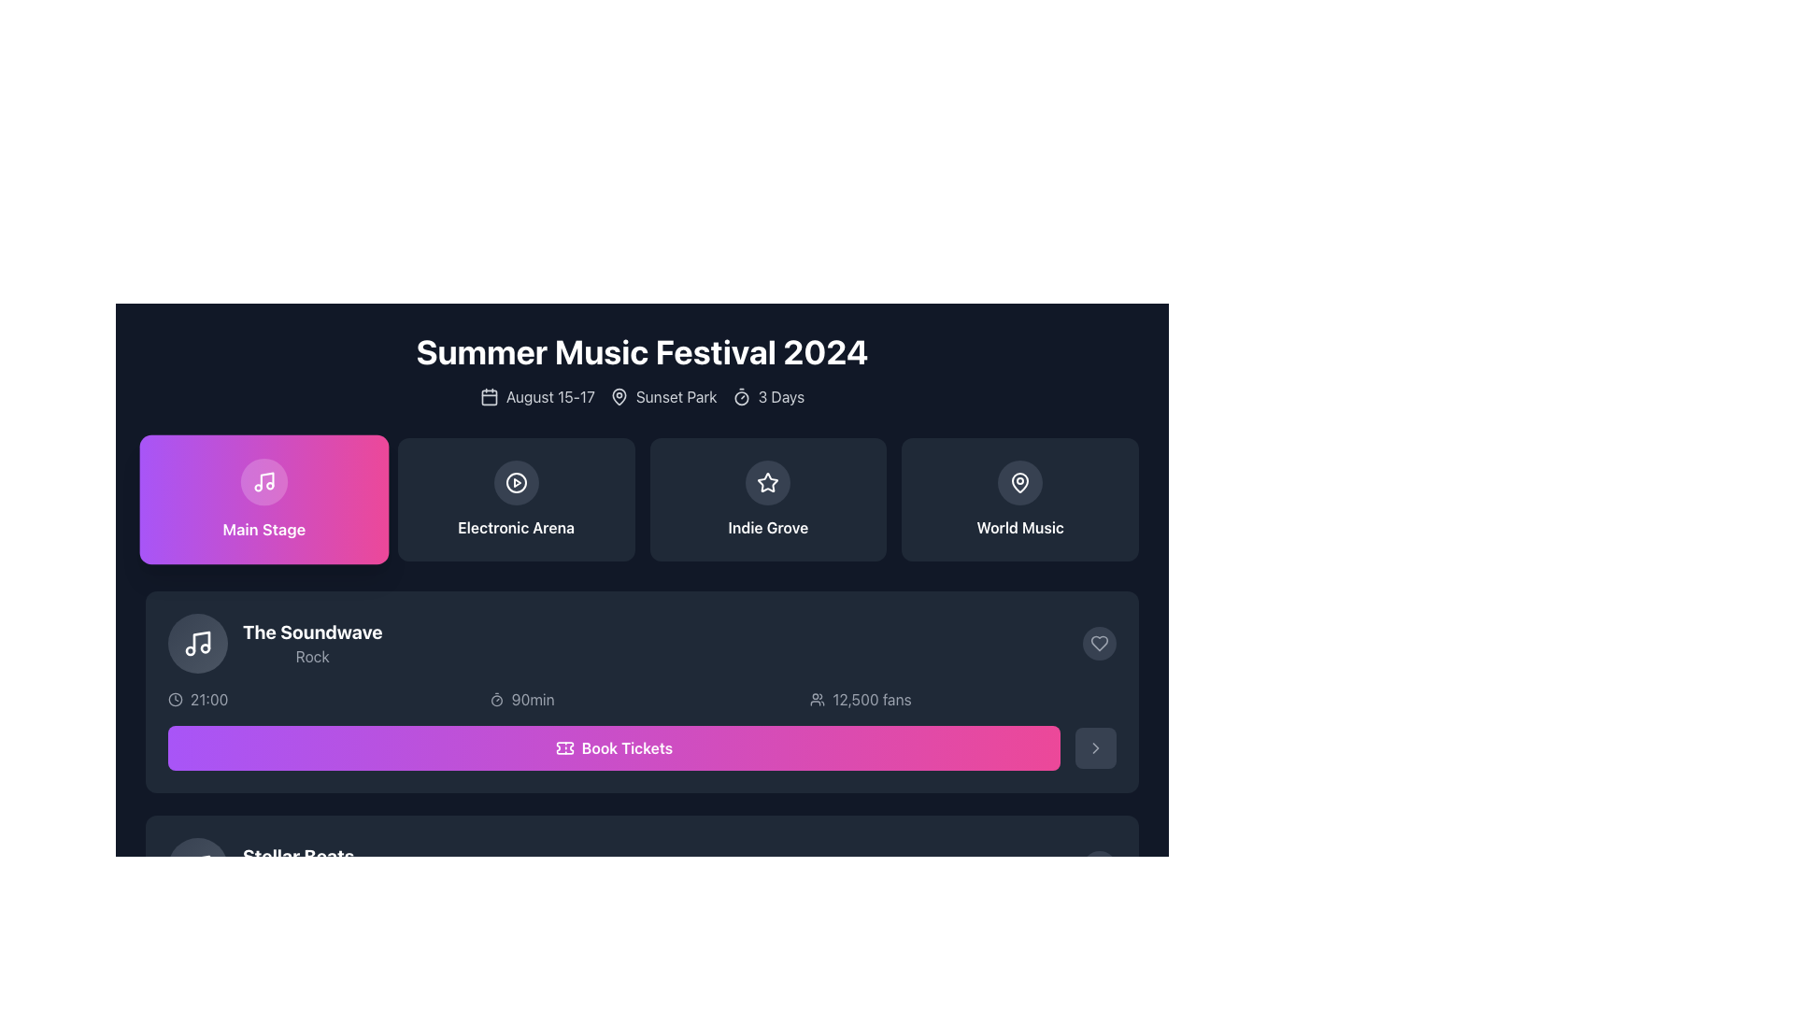  What do you see at coordinates (489, 395) in the screenshot?
I see `the calendar icon that represents the event's date range information 'August 15-17', located in the top section of the interface near the header 'Summer Music Festival 2024'` at bounding box center [489, 395].